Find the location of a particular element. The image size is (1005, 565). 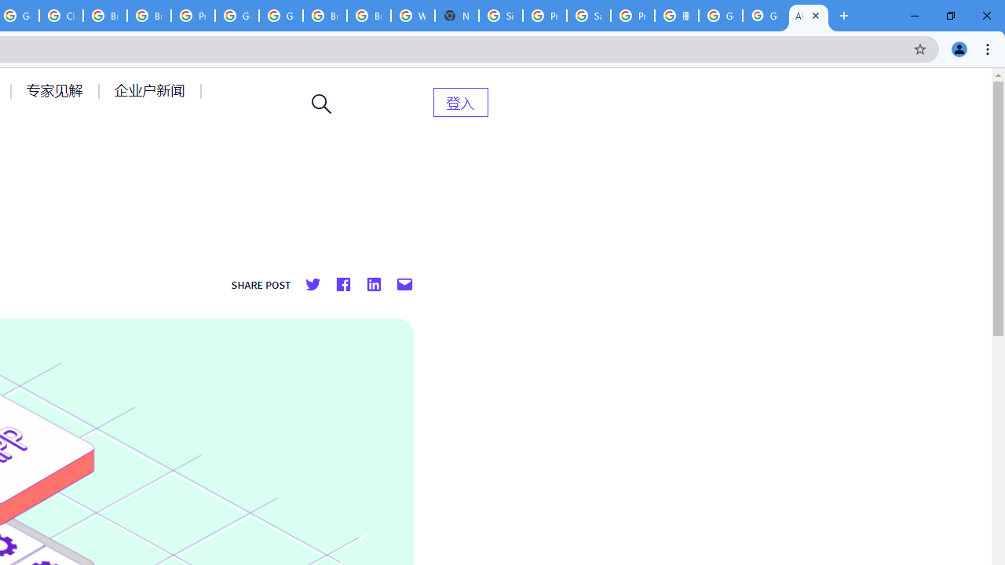

'AutomationID: menu-item-77764' is located at coordinates (57, 90).